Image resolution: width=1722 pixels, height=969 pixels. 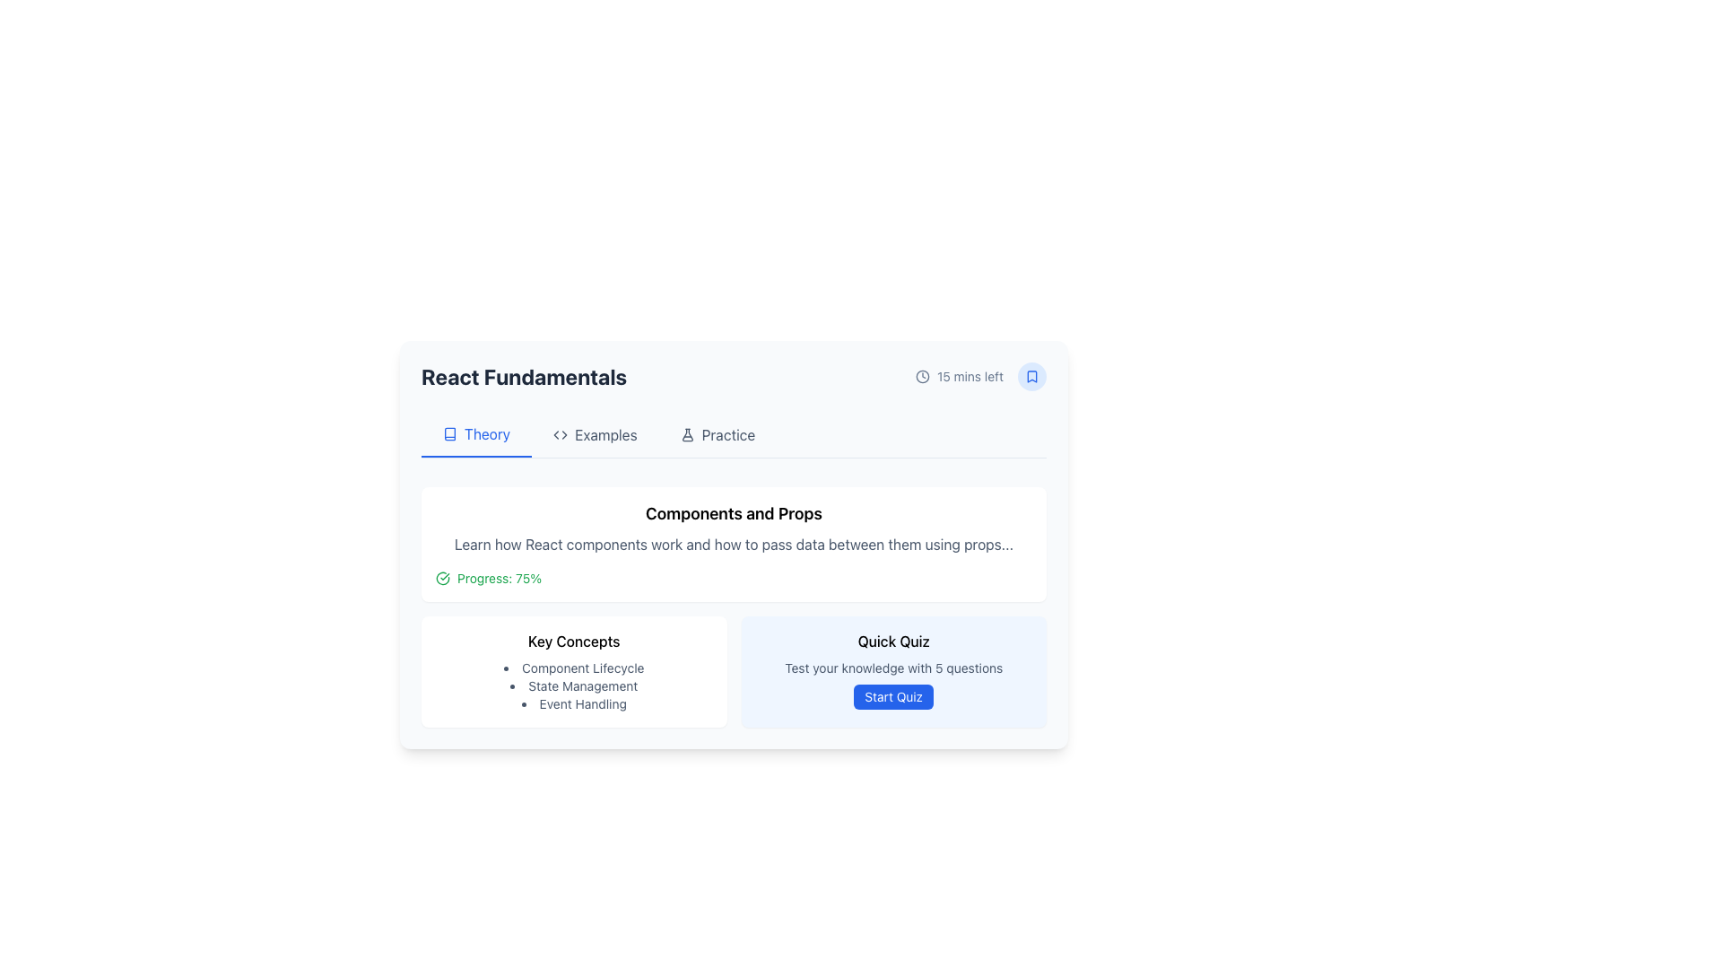 What do you see at coordinates (893, 695) in the screenshot?
I see `the 'Start Quiz' button located in the bottom-right corner of the light blue card titled 'Quick Quiz' to initiate the quiz` at bounding box center [893, 695].